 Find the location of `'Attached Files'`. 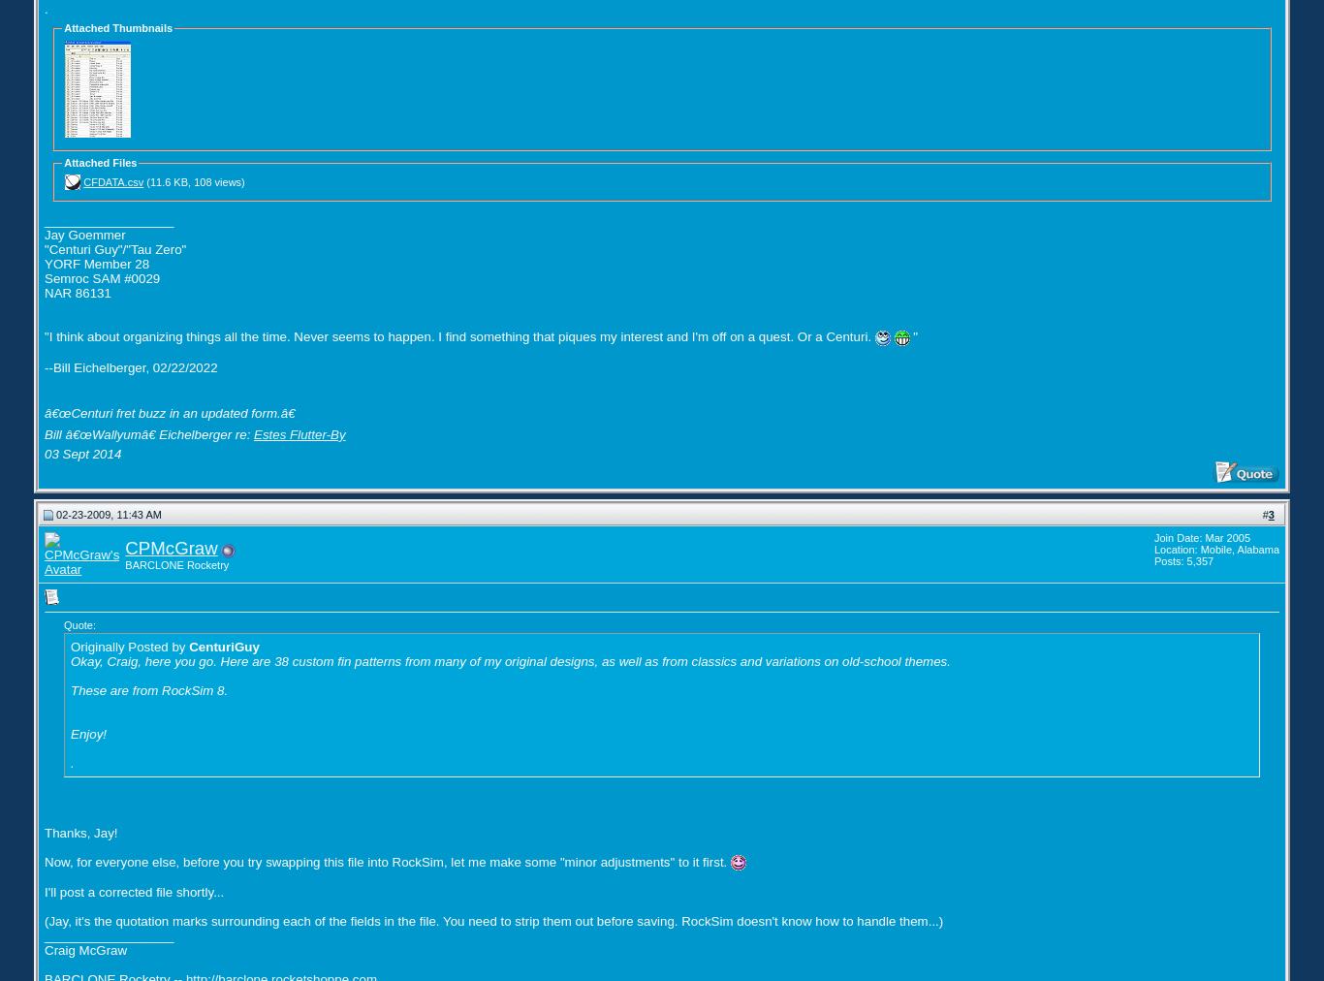

'Attached Files' is located at coordinates (63, 161).